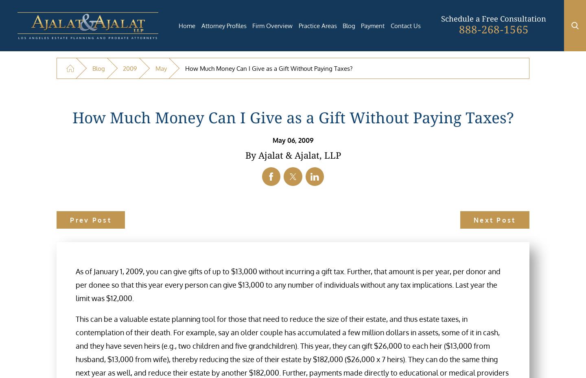 The image size is (586, 378). What do you see at coordinates (266, 368) in the screenshot?
I see `'The information on this website is for general information purposes only.
							 Nothing on this site should be taken as legal advice for any individual
							 case or situation. This information is not intended to create, and receipt
							 or viewing does not constitute, an attorney-client relationship.'` at bounding box center [266, 368].